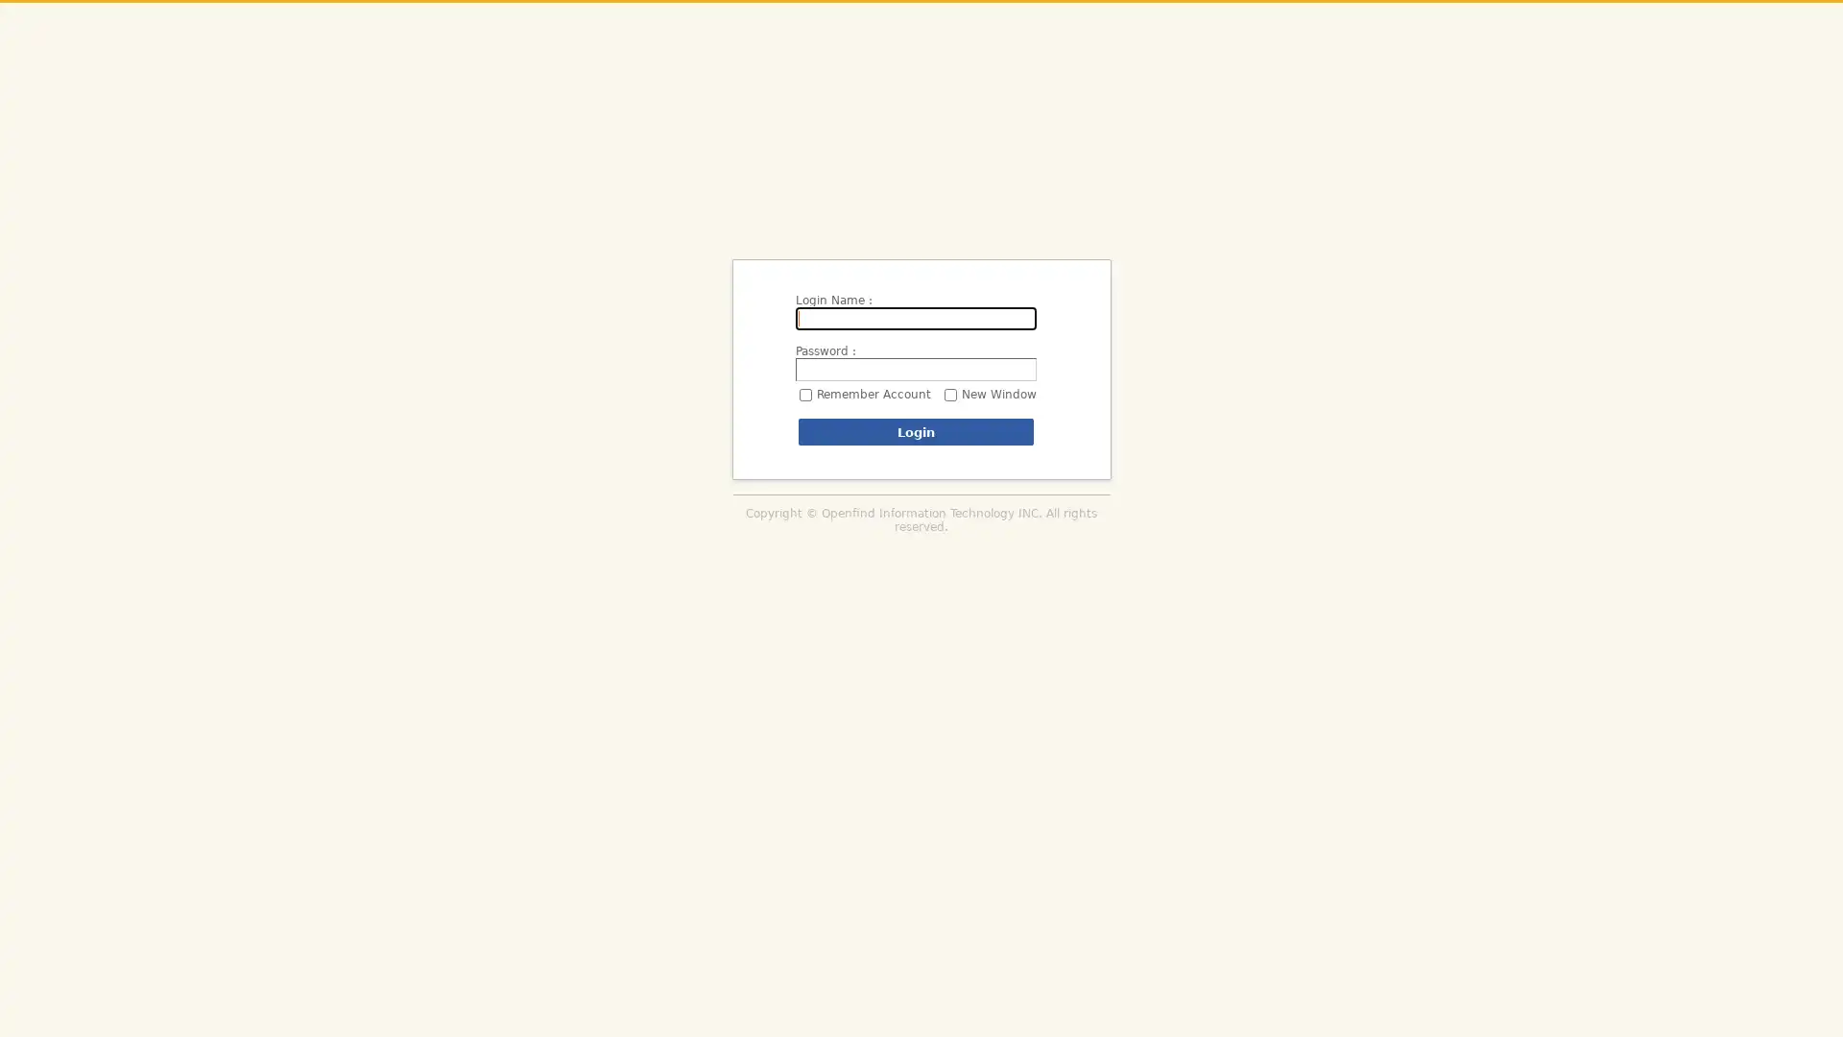 Image resolution: width=1843 pixels, height=1037 pixels. What do you see at coordinates (914, 432) in the screenshot?
I see `Login` at bounding box center [914, 432].